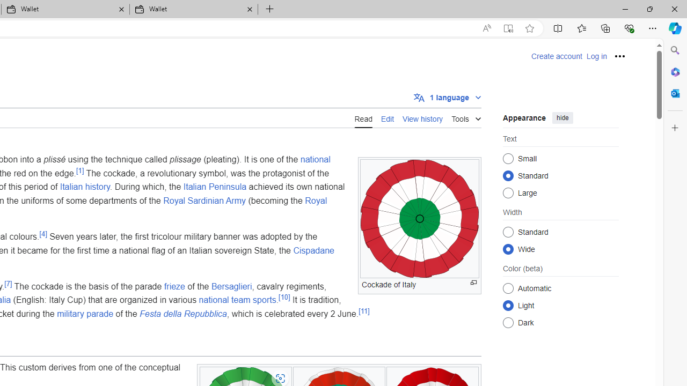 The height and width of the screenshot is (386, 687). I want to click on '[4]', so click(43, 233).